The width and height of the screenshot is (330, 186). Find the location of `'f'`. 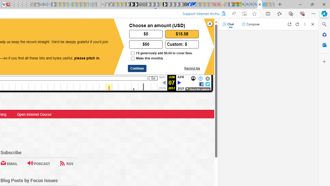

'f' is located at coordinates (201, 84).